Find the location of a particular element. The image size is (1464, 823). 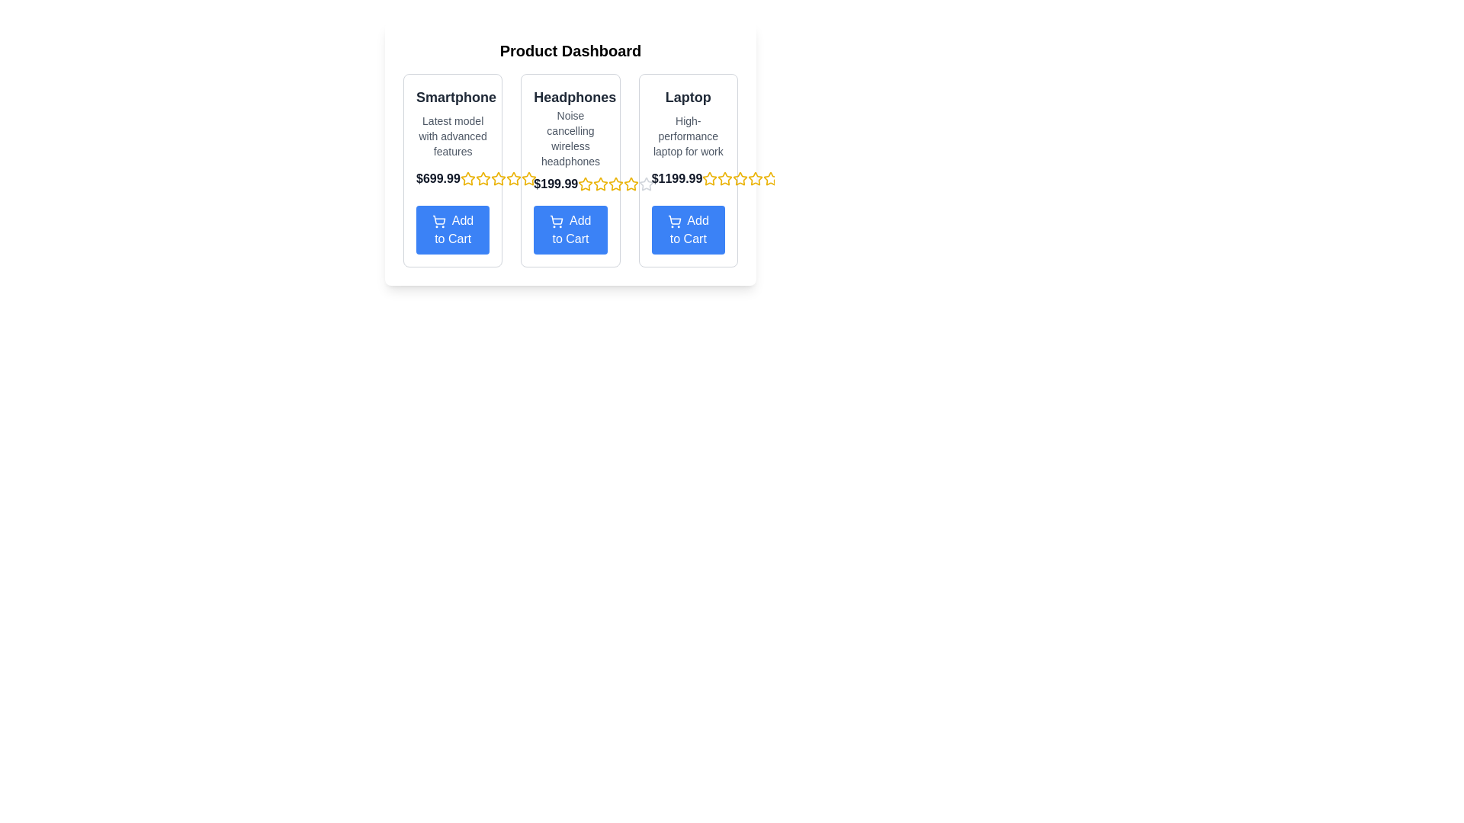

the shopping cart icon located within the 'Add to Cart' button of the second product card titled 'Headphones' is located at coordinates (556, 219).